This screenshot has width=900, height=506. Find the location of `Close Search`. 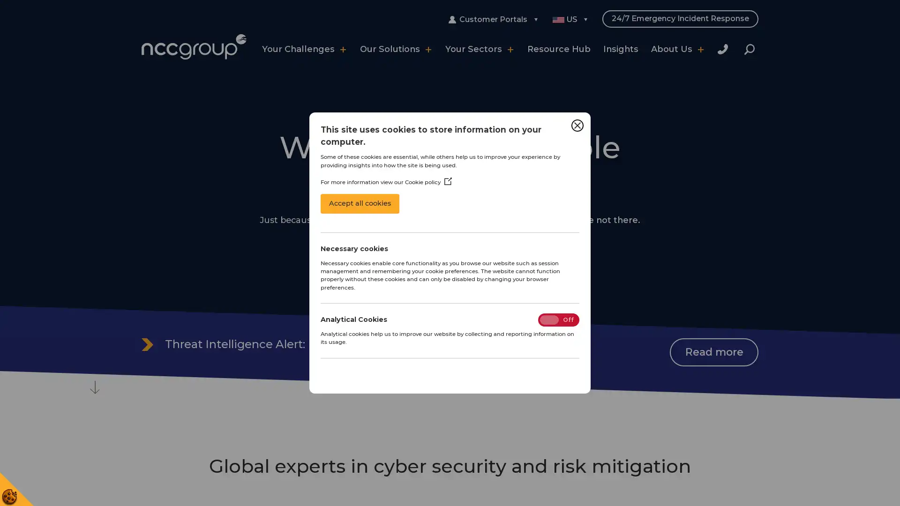

Close Search is located at coordinates (719, 82).